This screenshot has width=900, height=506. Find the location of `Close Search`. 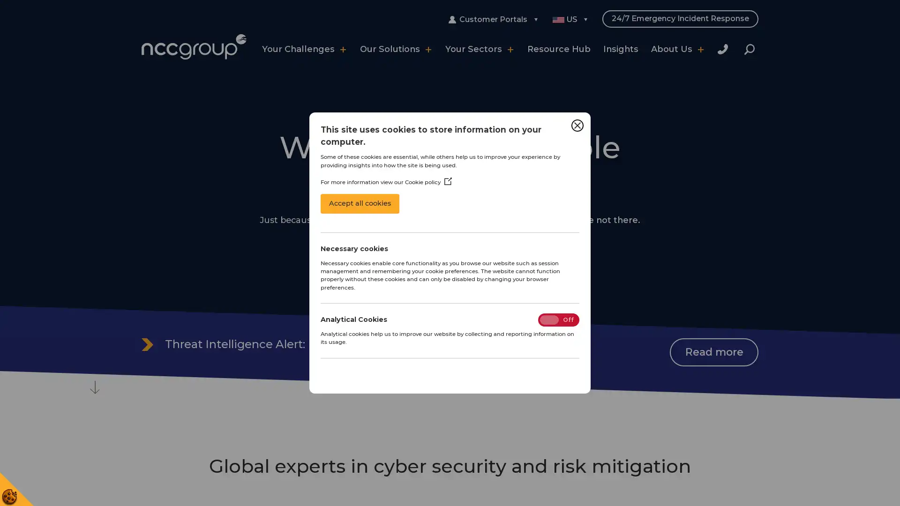

Close Search is located at coordinates (719, 82).